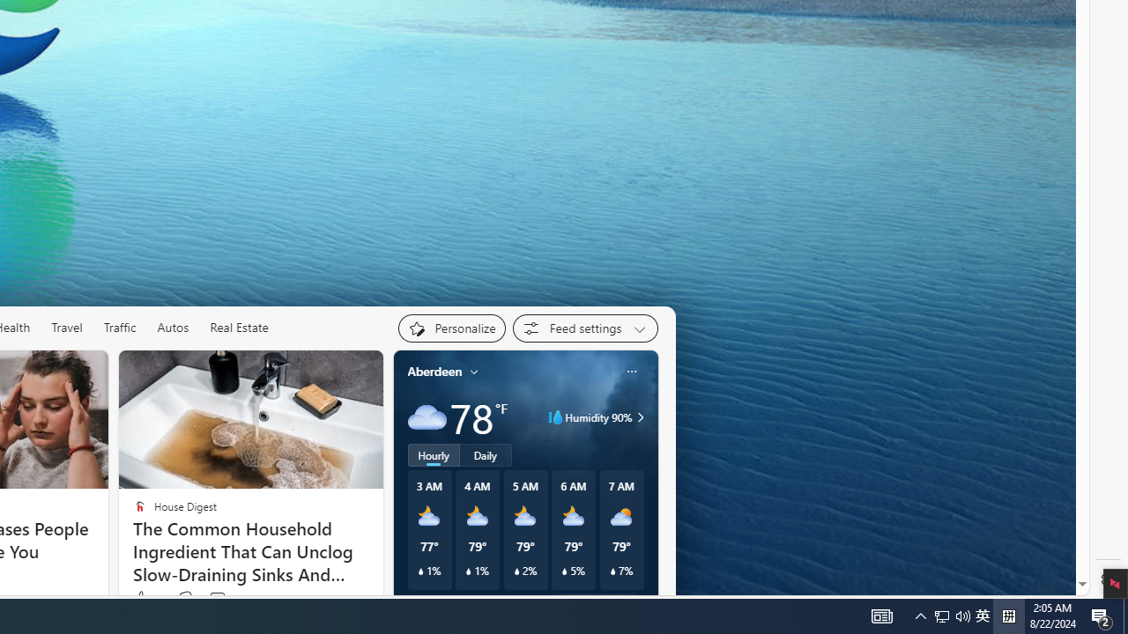 This screenshot has width=1128, height=634. What do you see at coordinates (595, 602) in the screenshot?
I see `'See full forecast'` at bounding box center [595, 602].